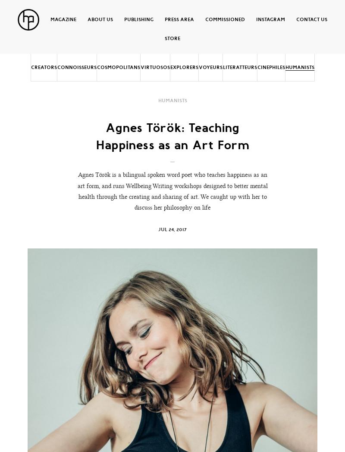 The width and height of the screenshot is (345, 452). Describe the element at coordinates (239, 67) in the screenshot. I see `'Literatteurs'` at that location.